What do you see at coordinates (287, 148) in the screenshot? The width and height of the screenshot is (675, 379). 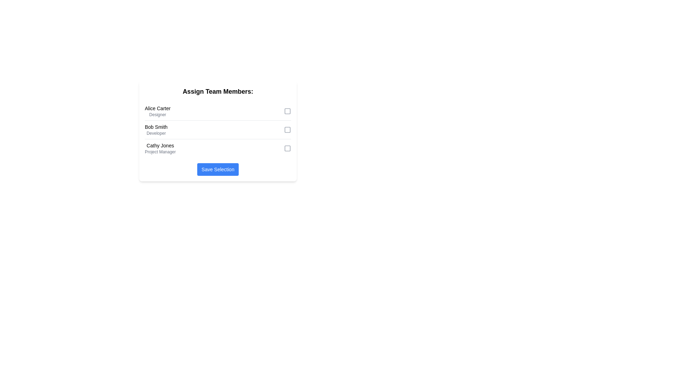 I see `the checkbox corresponding to team member 'Cathy Jones'` at bounding box center [287, 148].